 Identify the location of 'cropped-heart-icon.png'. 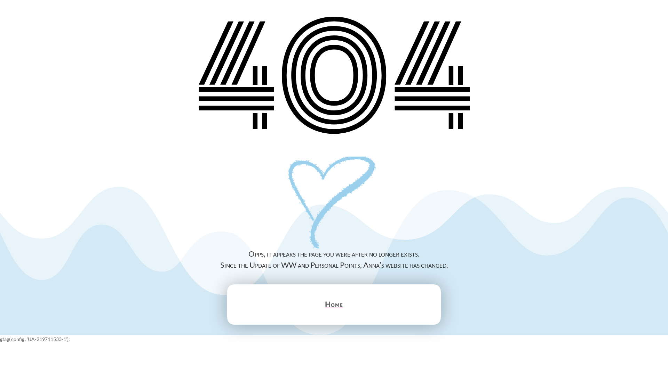
(334, 203).